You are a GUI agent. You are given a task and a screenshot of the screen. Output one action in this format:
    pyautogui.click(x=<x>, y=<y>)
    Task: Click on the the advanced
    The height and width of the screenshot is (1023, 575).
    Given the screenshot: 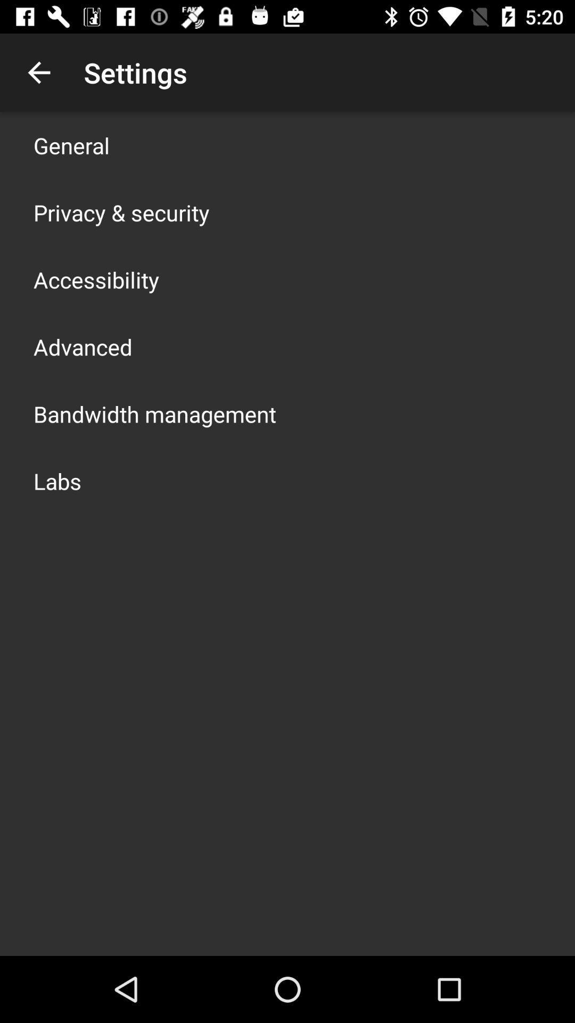 What is the action you would take?
    pyautogui.click(x=82, y=347)
    